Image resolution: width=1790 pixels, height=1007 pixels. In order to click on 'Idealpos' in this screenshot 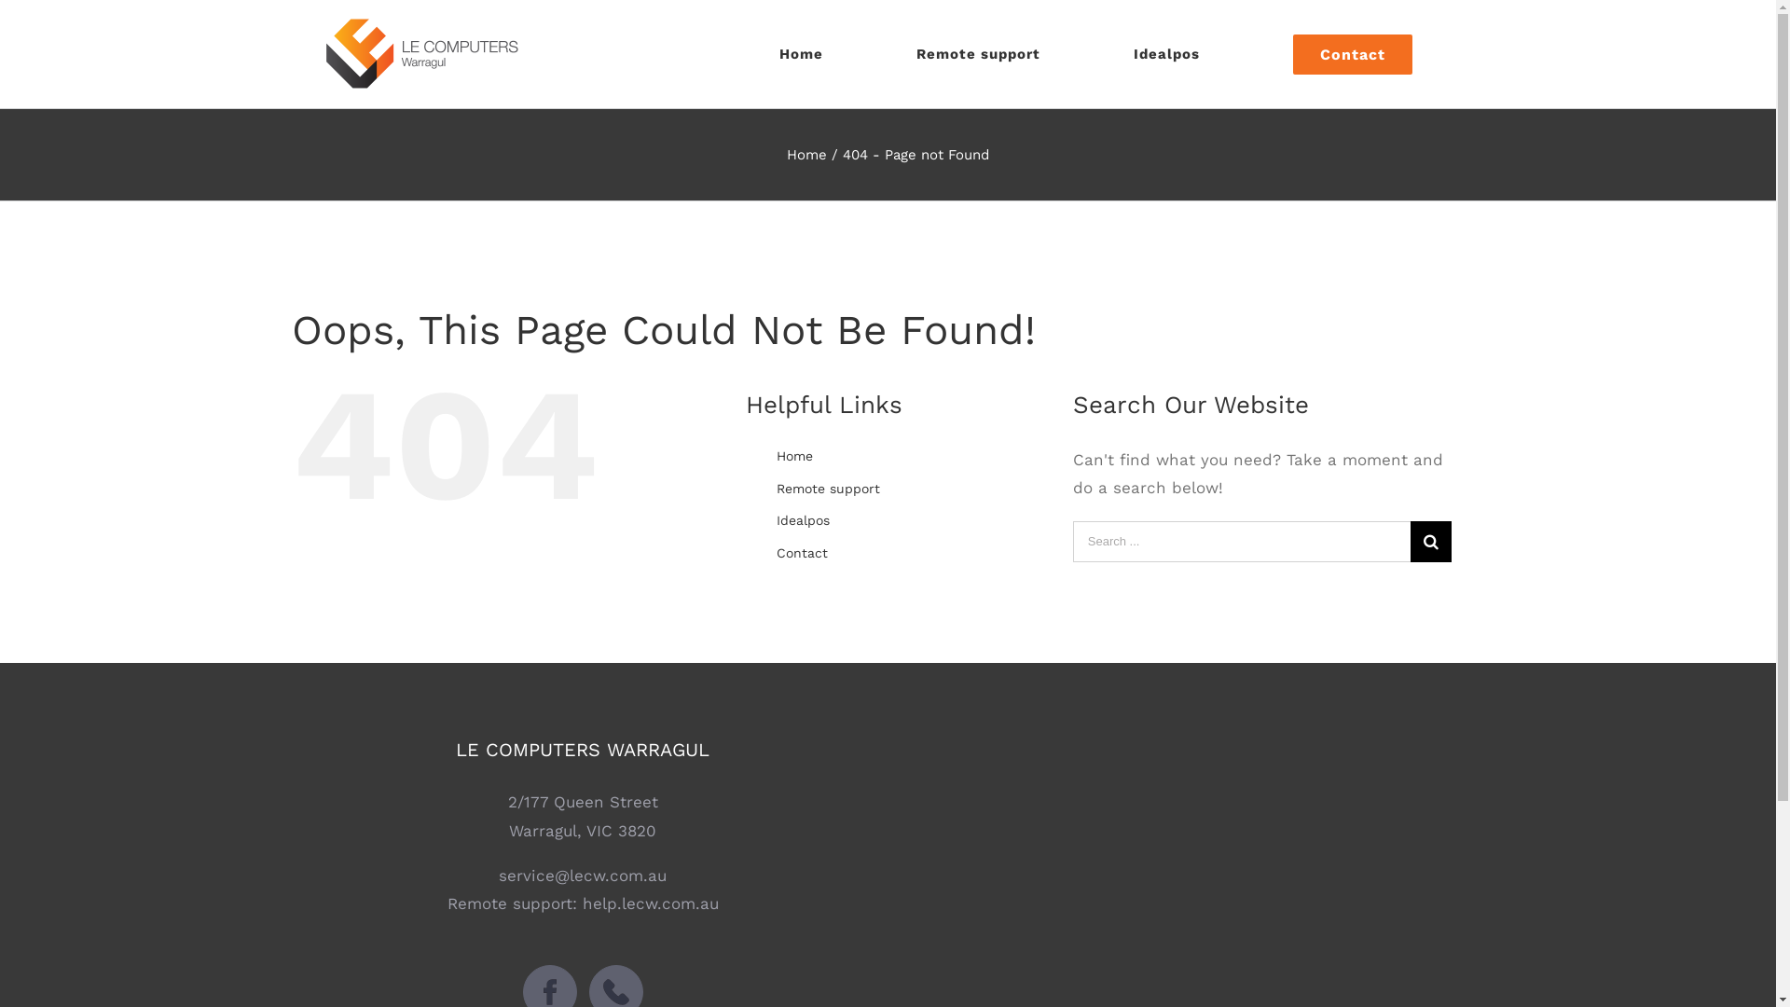, I will do `click(803, 520)`.